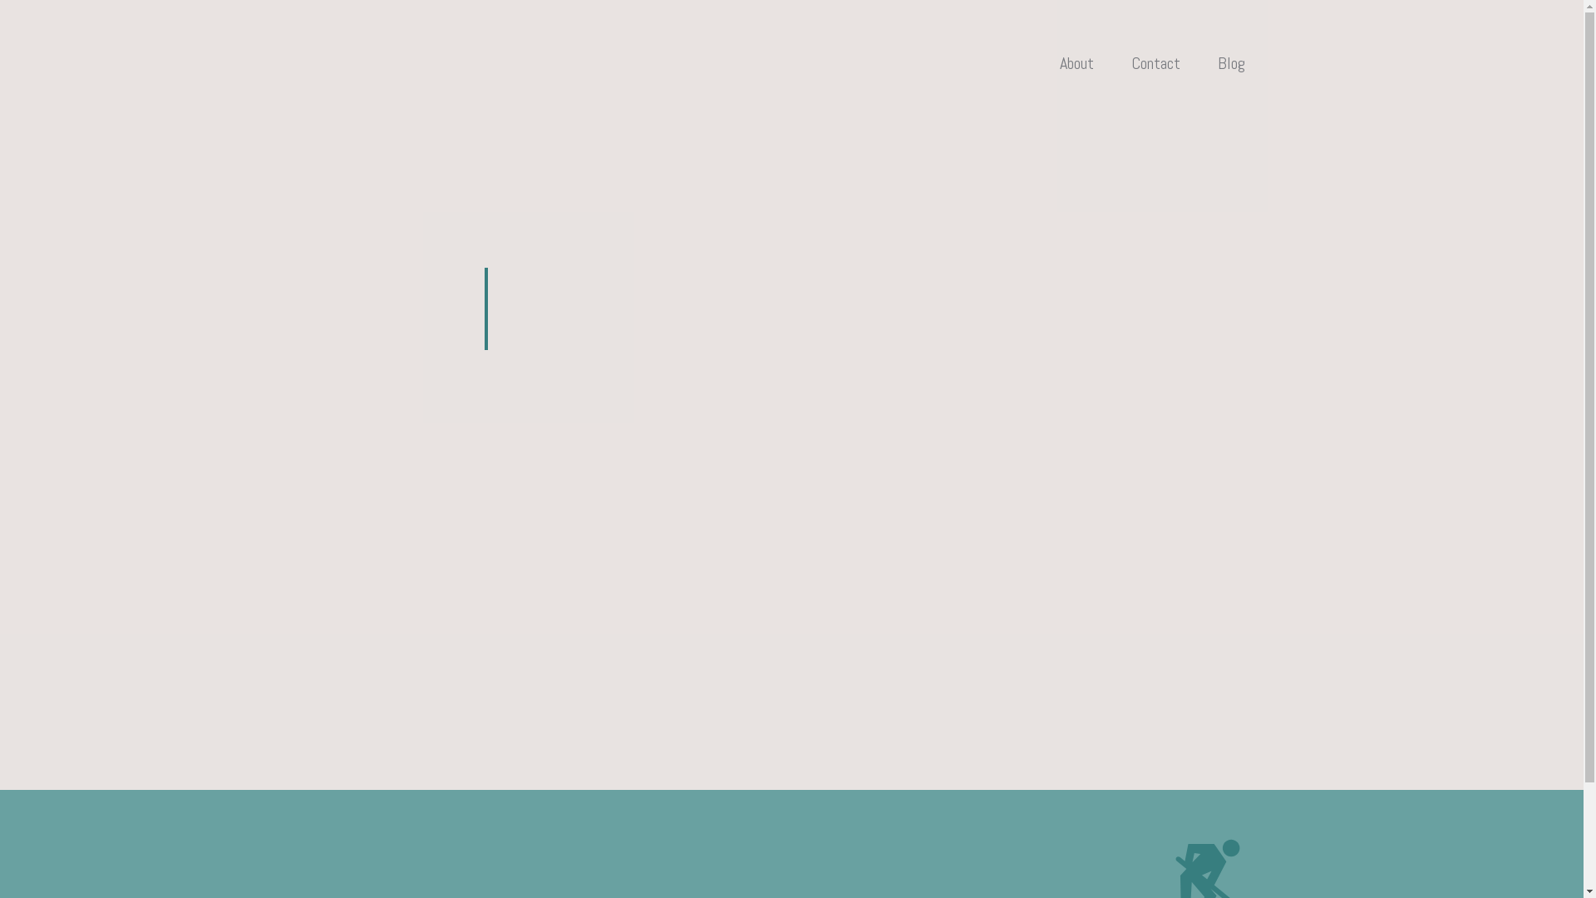 The height and width of the screenshot is (898, 1596). I want to click on 'About', so click(1076, 62).